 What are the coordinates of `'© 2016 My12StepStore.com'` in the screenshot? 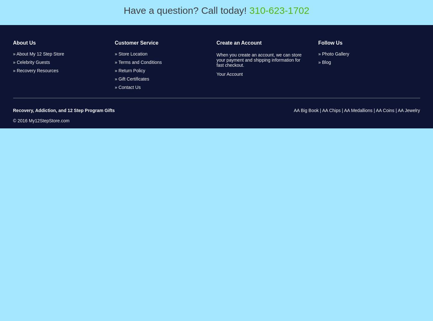 It's located at (41, 121).